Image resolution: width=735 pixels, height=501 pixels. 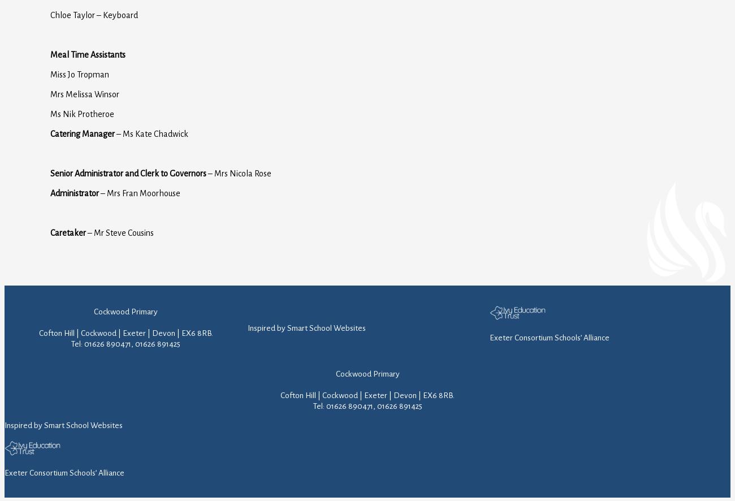 What do you see at coordinates (79, 74) in the screenshot?
I see `'Miss Jo Tropman'` at bounding box center [79, 74].